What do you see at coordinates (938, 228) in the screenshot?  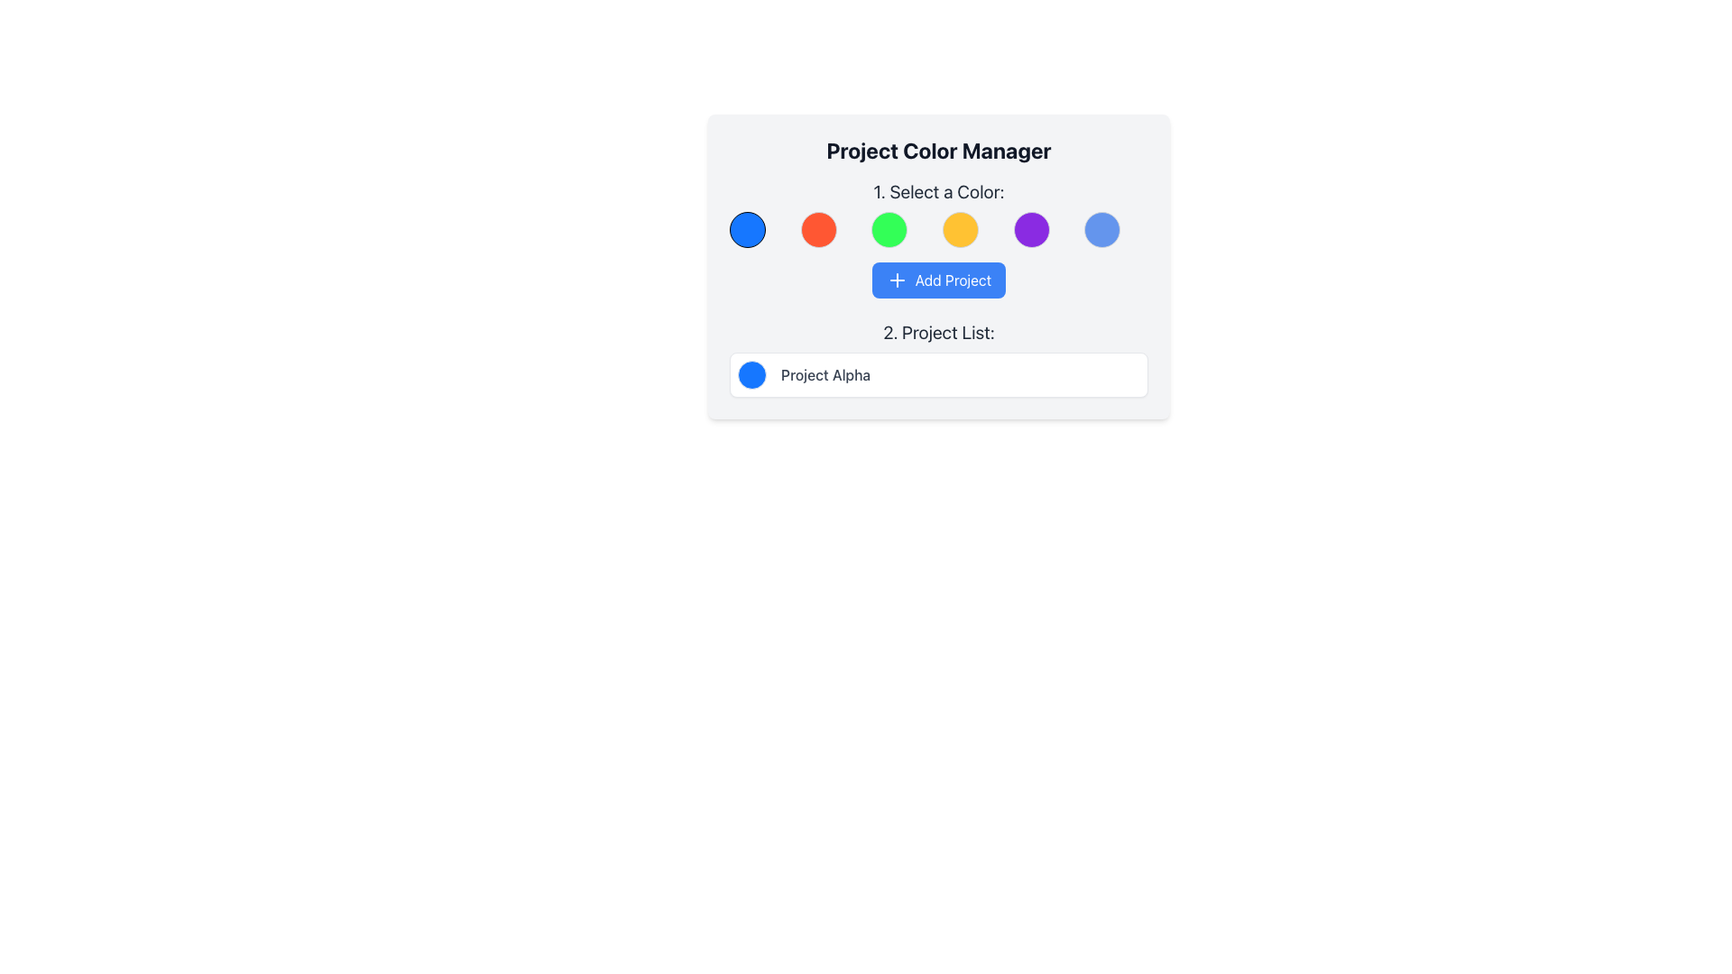 I see `the specific color circle within the grid of circular color selectors located directly beneath the heading '1. Select a Color:'` at bounding box center [938, 228].